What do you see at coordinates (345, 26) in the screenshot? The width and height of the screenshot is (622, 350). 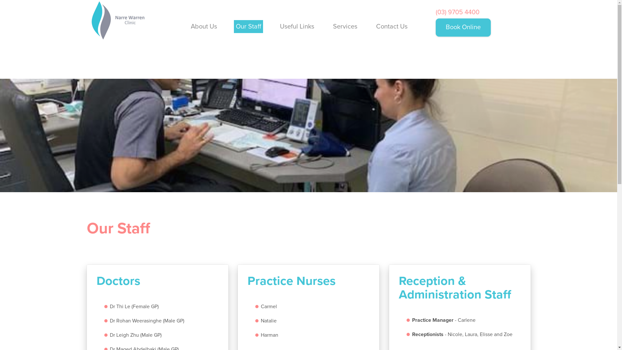 I see `'Services'` at bounding box center [345, 26].